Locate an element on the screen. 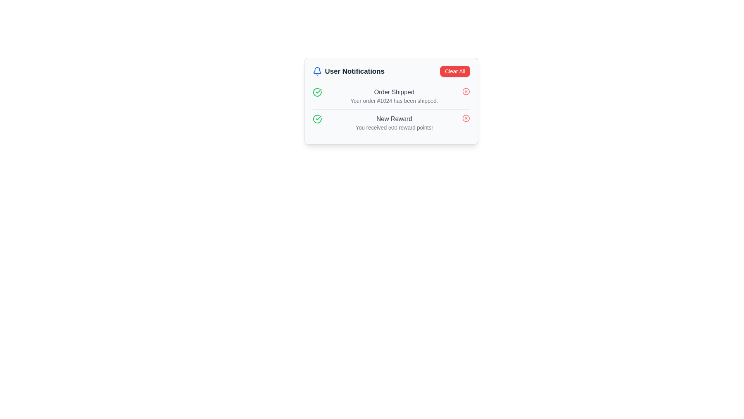  the dismiss button for the 'Order Shipped' notification is located at coordinates (465, 91).